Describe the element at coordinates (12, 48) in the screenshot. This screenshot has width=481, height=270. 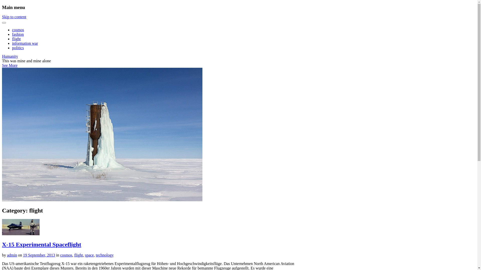
I see `'politics'` at that location.